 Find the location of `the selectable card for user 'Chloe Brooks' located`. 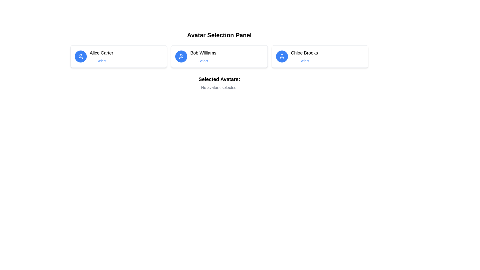

the selectable card for user 'Chloe Brooks' located is located at coordinates (319, 56).